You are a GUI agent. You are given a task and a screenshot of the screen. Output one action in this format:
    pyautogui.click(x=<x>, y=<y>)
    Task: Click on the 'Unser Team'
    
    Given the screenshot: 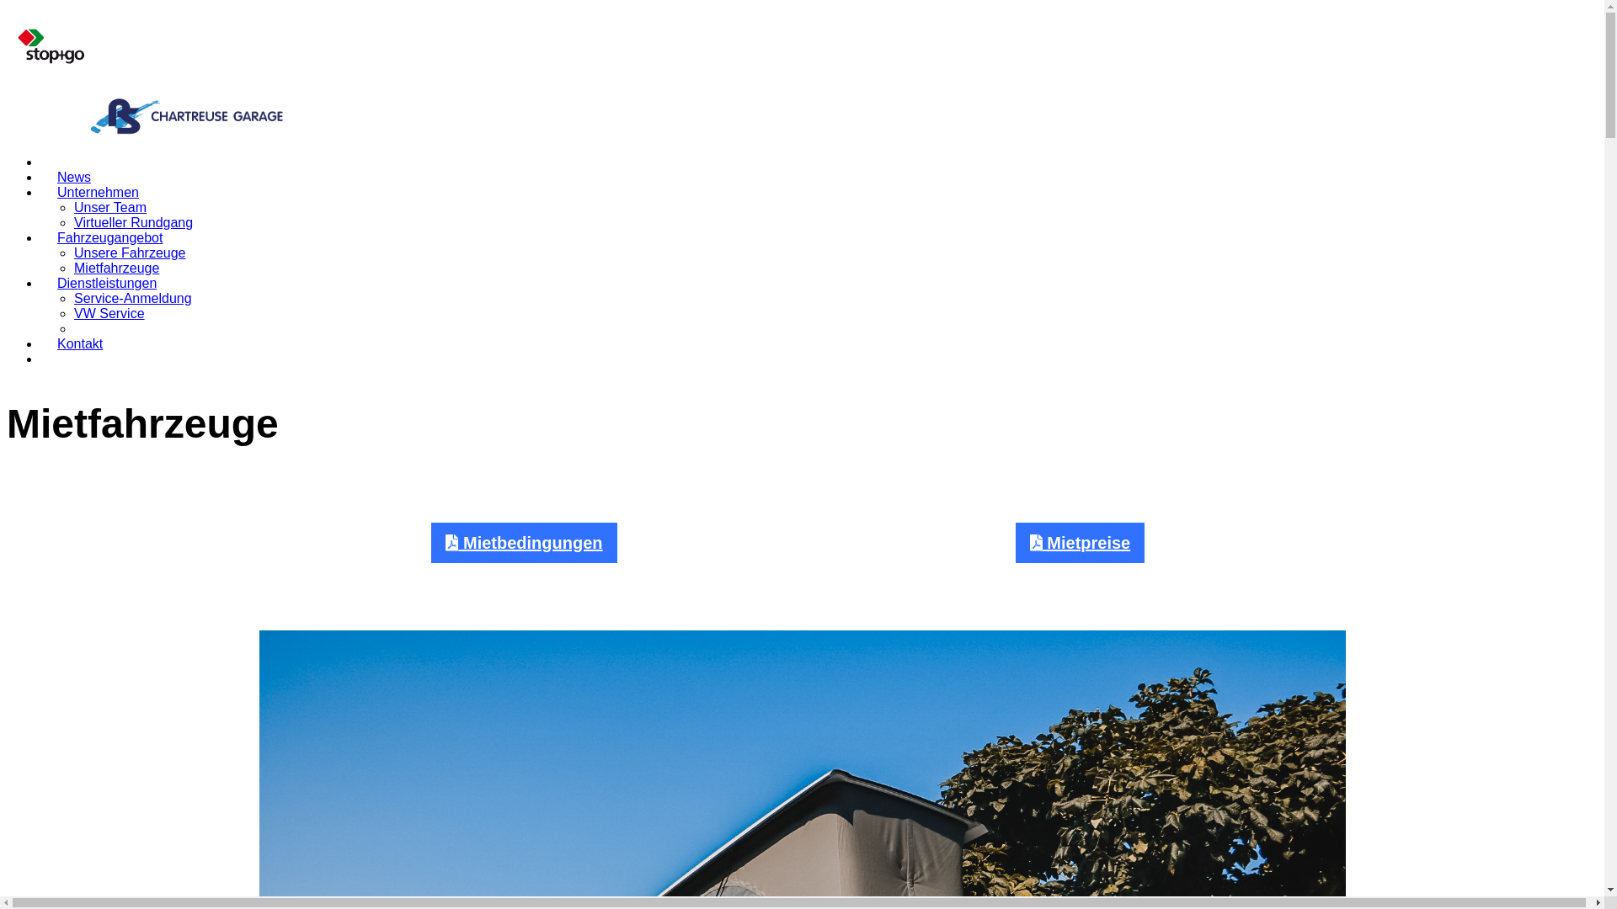 What is the action you would take?
    pyautogui.click(x=72, y=206)
    